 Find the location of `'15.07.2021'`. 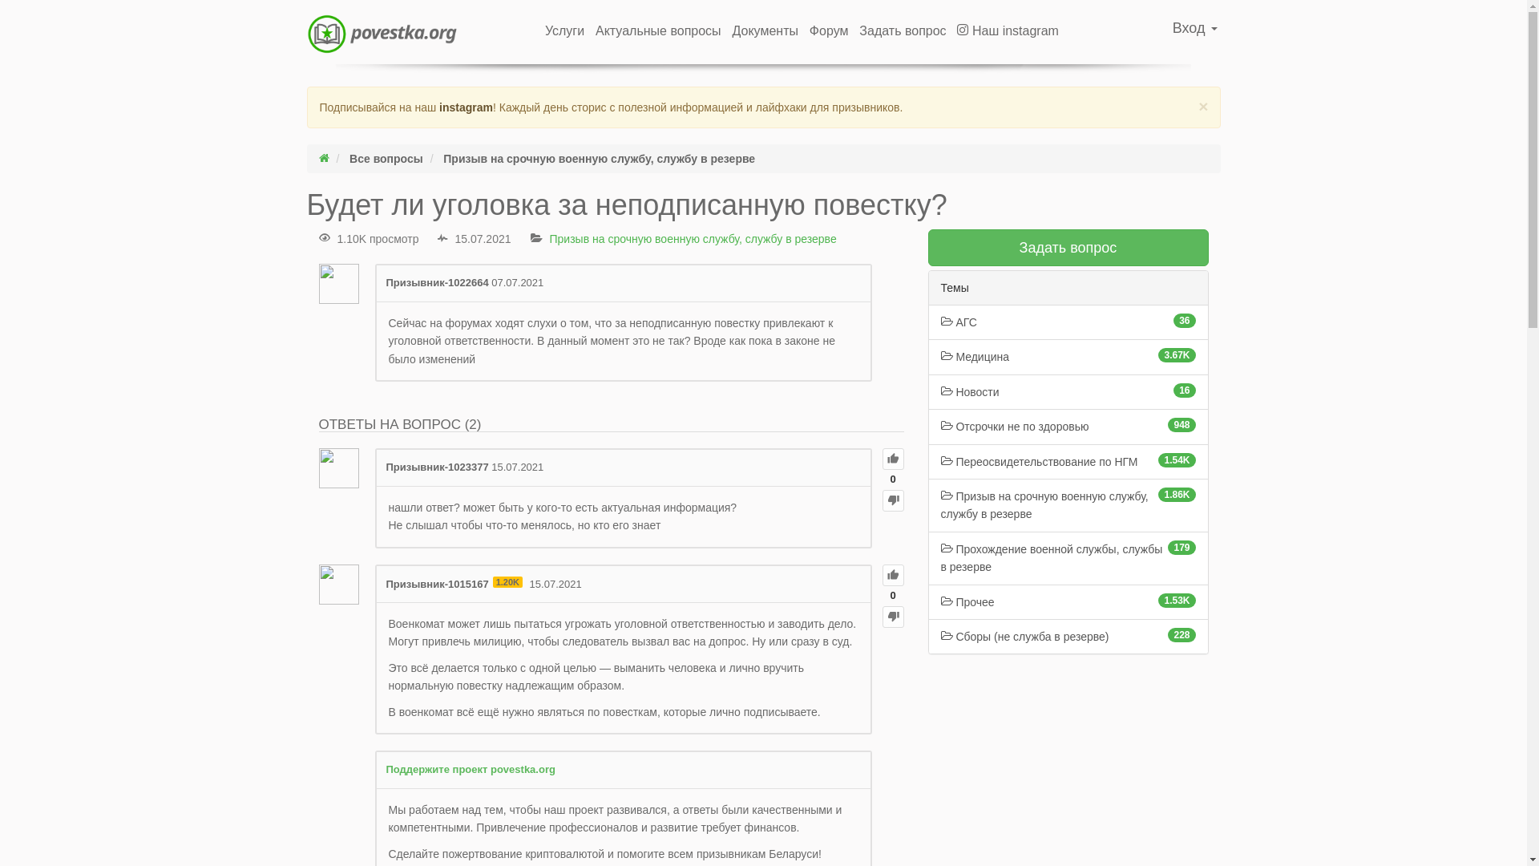

'15.07.2021' is located at coordinates (517, 467).